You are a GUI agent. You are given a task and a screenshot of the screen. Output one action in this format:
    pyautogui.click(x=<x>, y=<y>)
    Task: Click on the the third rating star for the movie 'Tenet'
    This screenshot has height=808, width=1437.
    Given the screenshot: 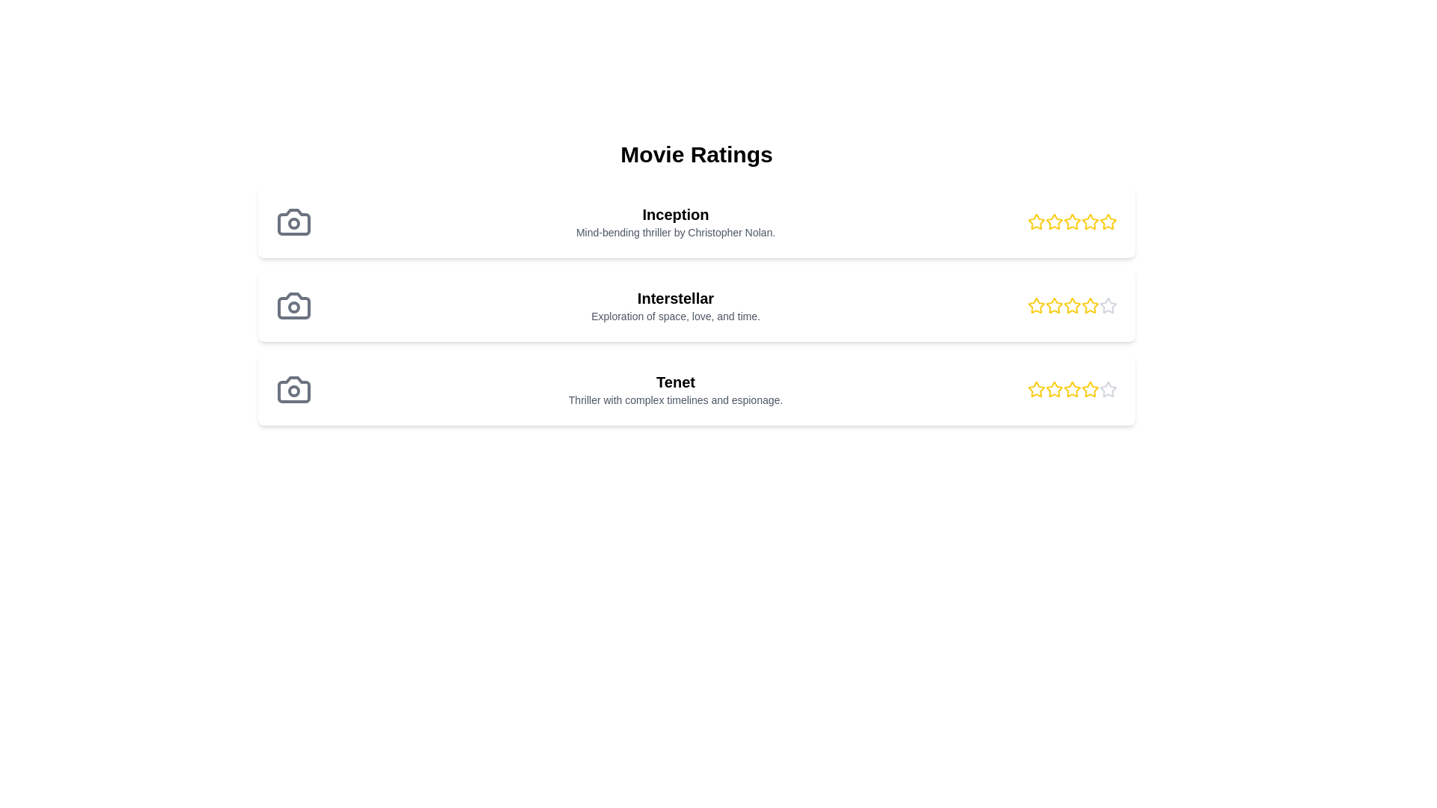 What is the action you would take?
    pyautogui.click(x=1054, y=388)
    